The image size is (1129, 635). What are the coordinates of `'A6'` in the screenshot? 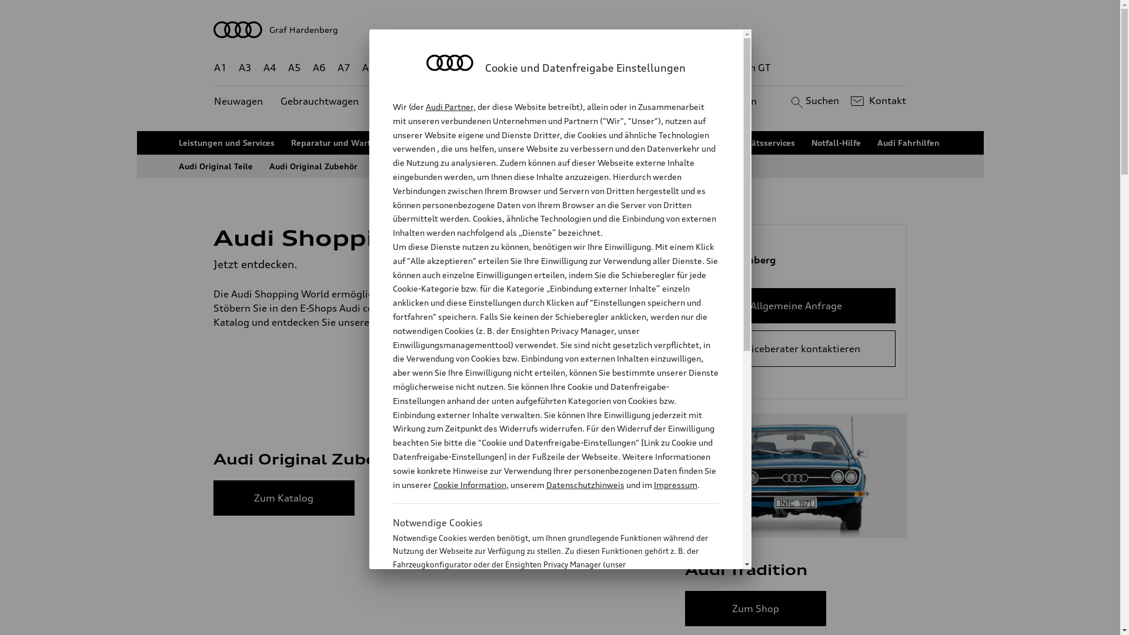 It's located at (319, 68).